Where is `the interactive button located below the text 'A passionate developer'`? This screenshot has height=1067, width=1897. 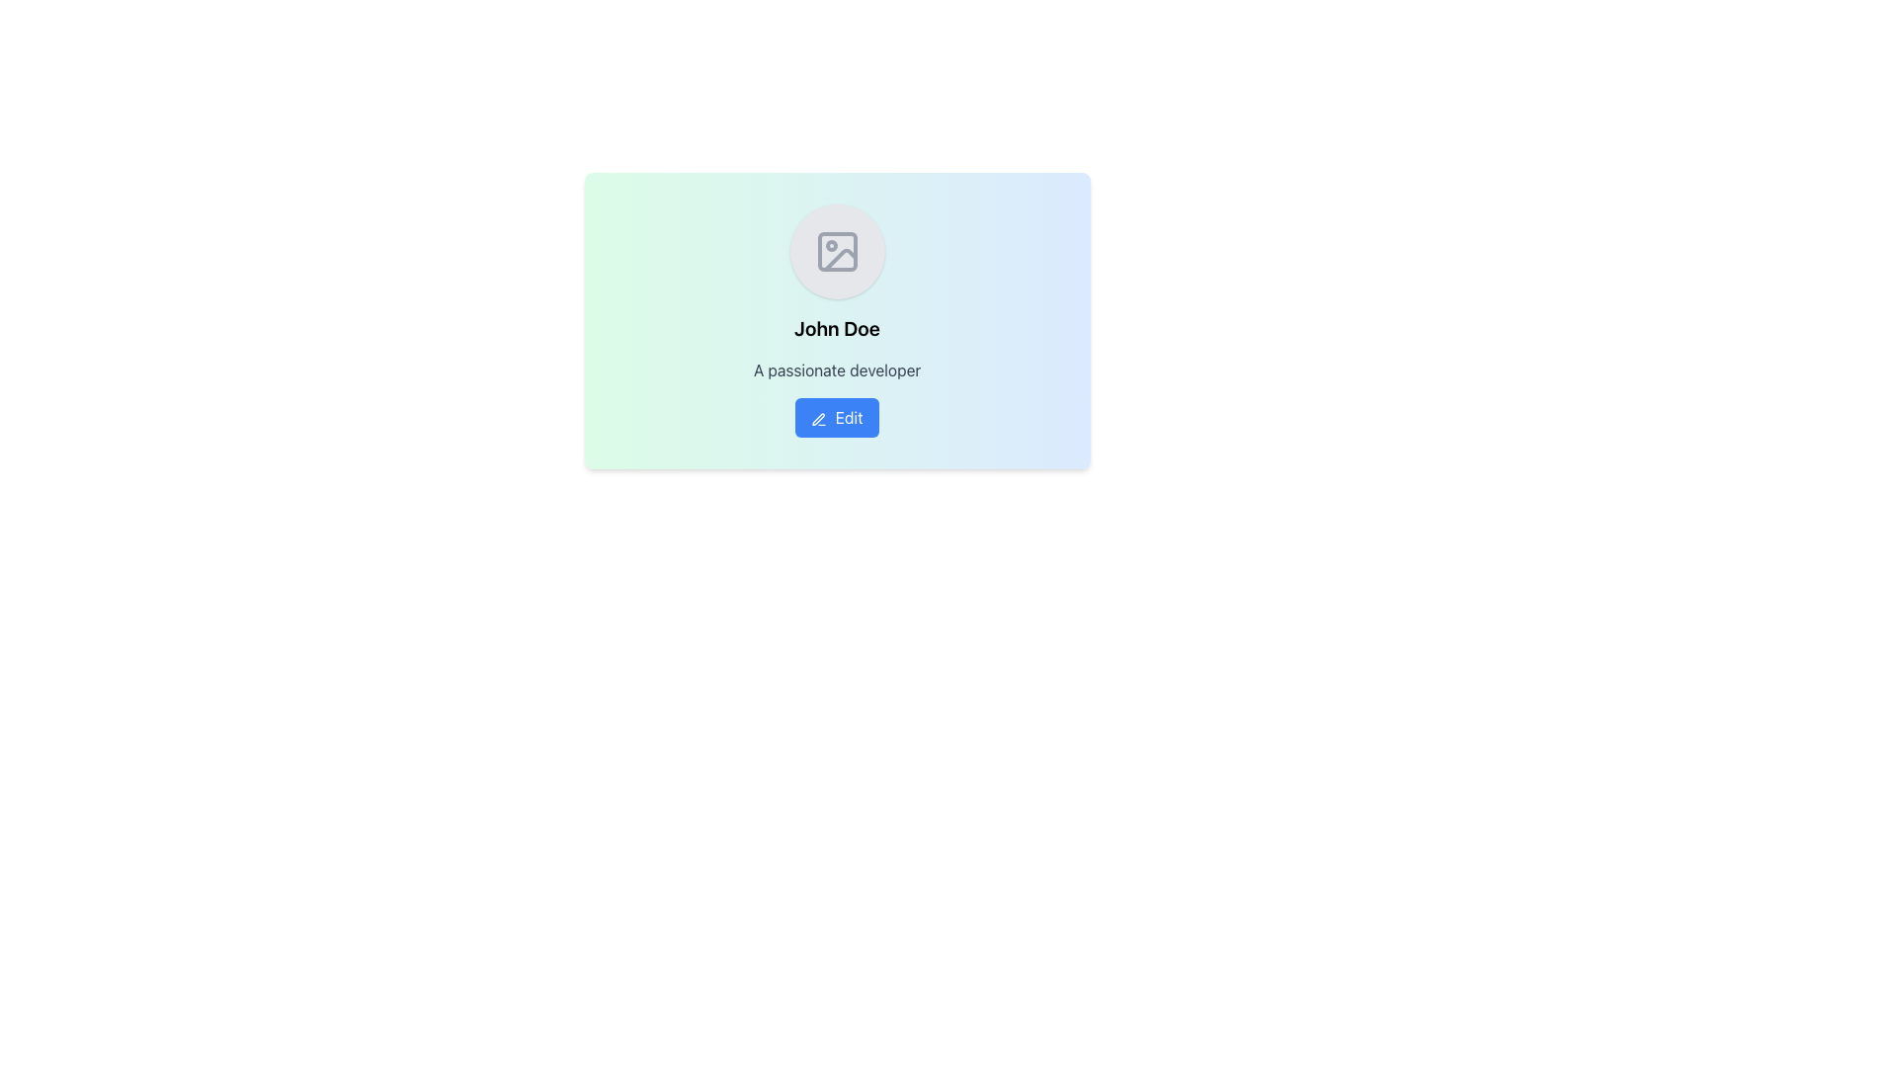
the interactive button located below the text 'A passionate developer' is located at coordinates (837, 417).